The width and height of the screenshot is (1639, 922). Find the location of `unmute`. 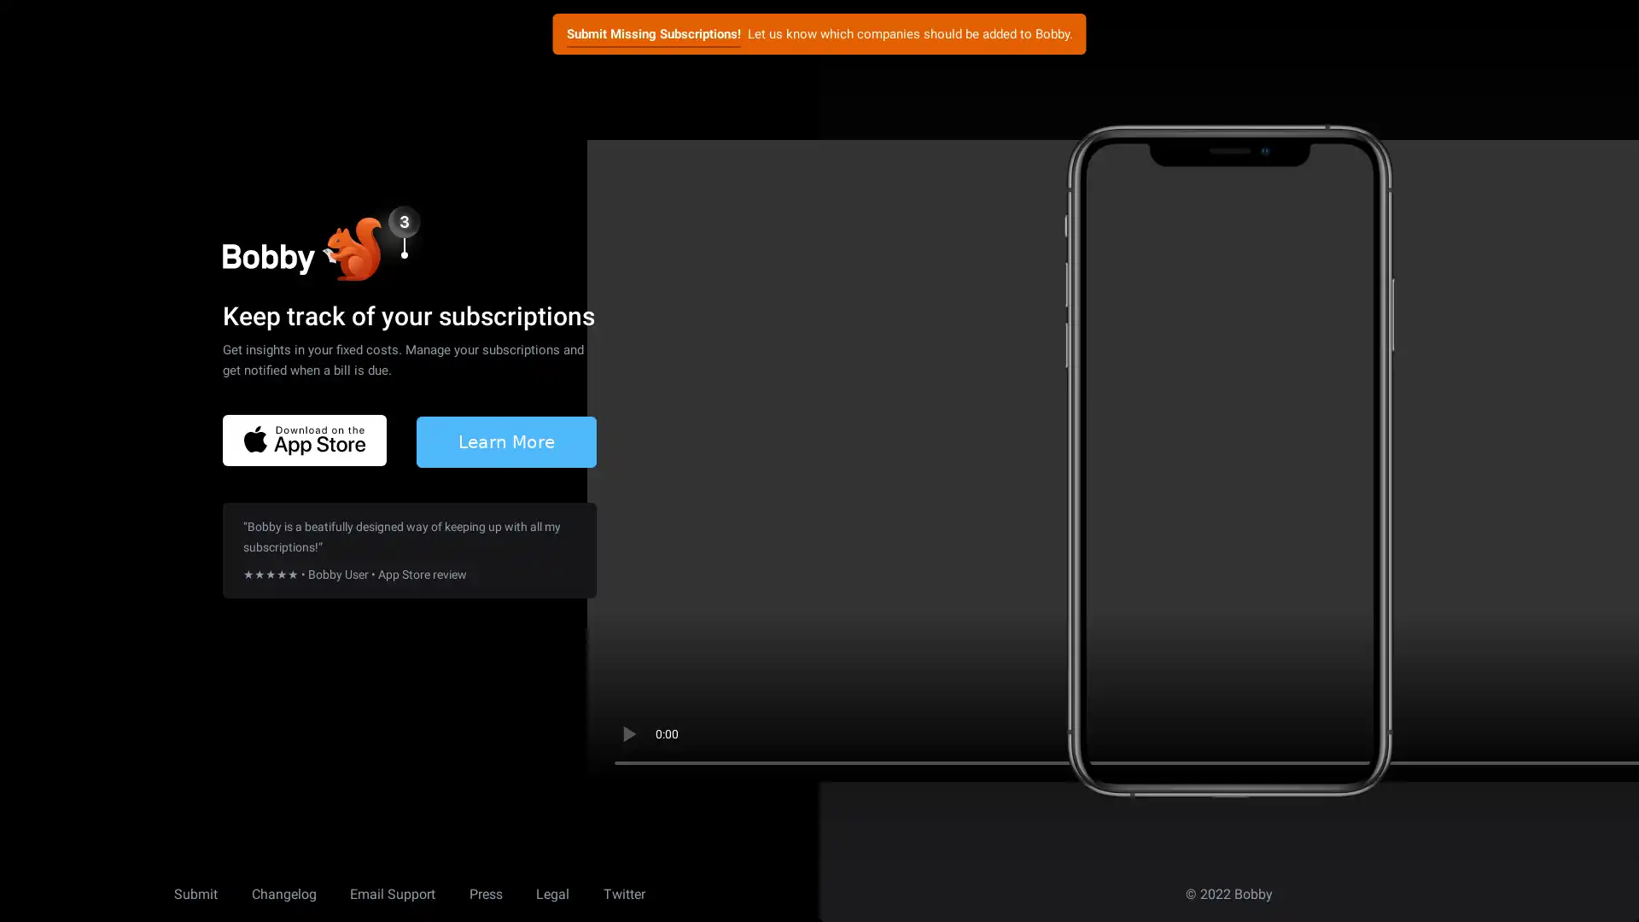

unmute is located at coordinates (1487, 733).